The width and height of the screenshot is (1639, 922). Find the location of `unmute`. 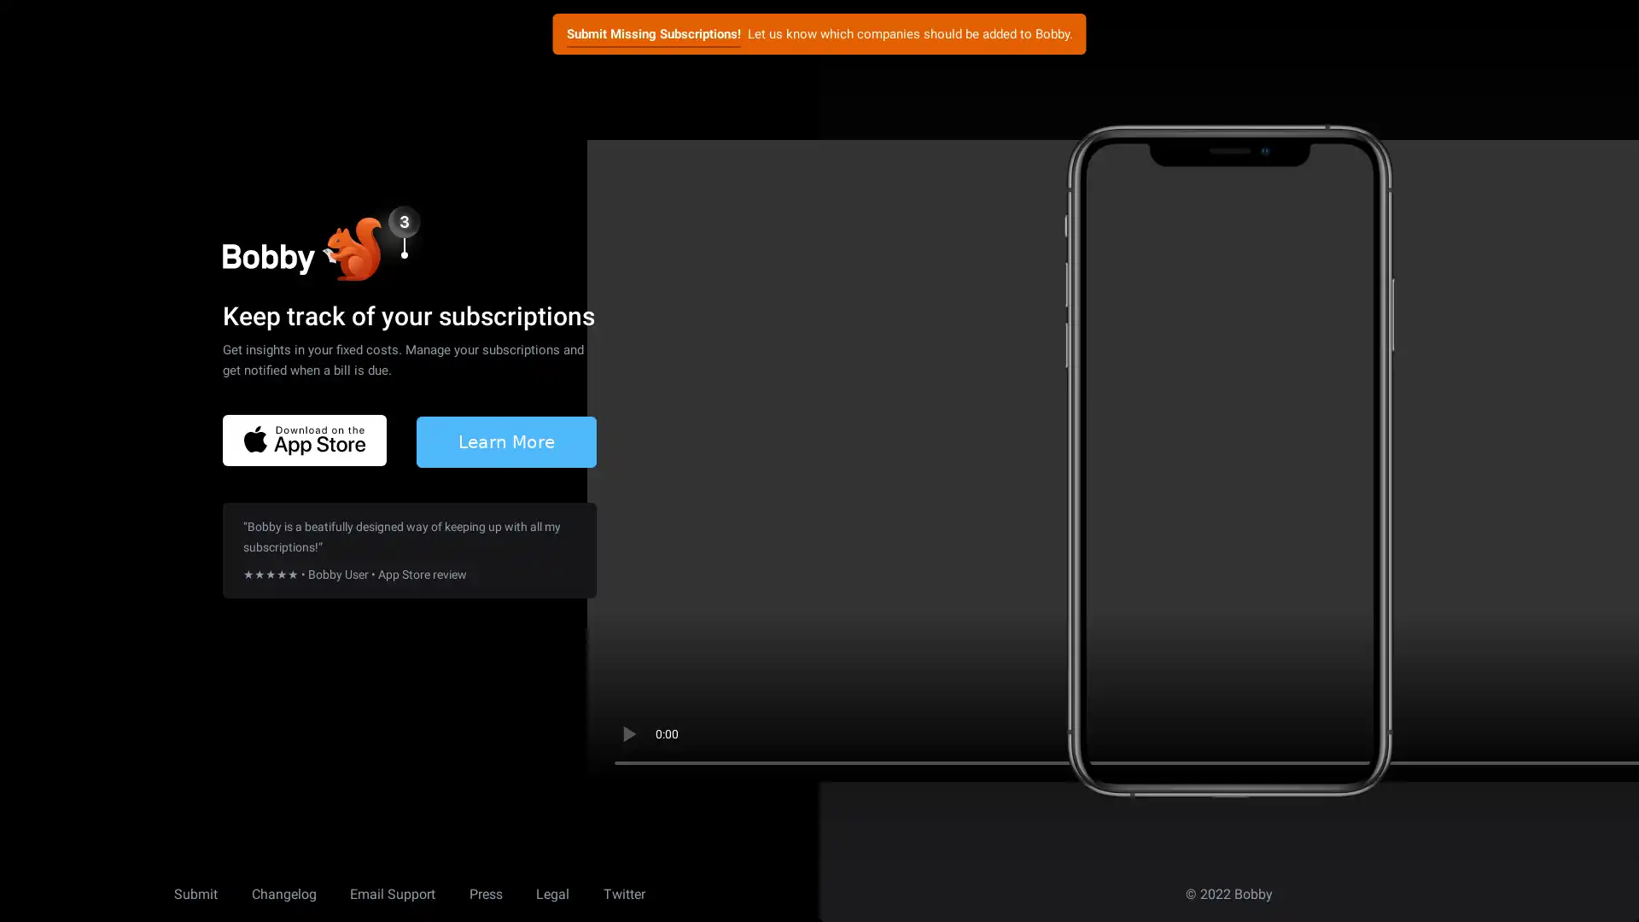

unmute is located at coordinates (1487, 733).